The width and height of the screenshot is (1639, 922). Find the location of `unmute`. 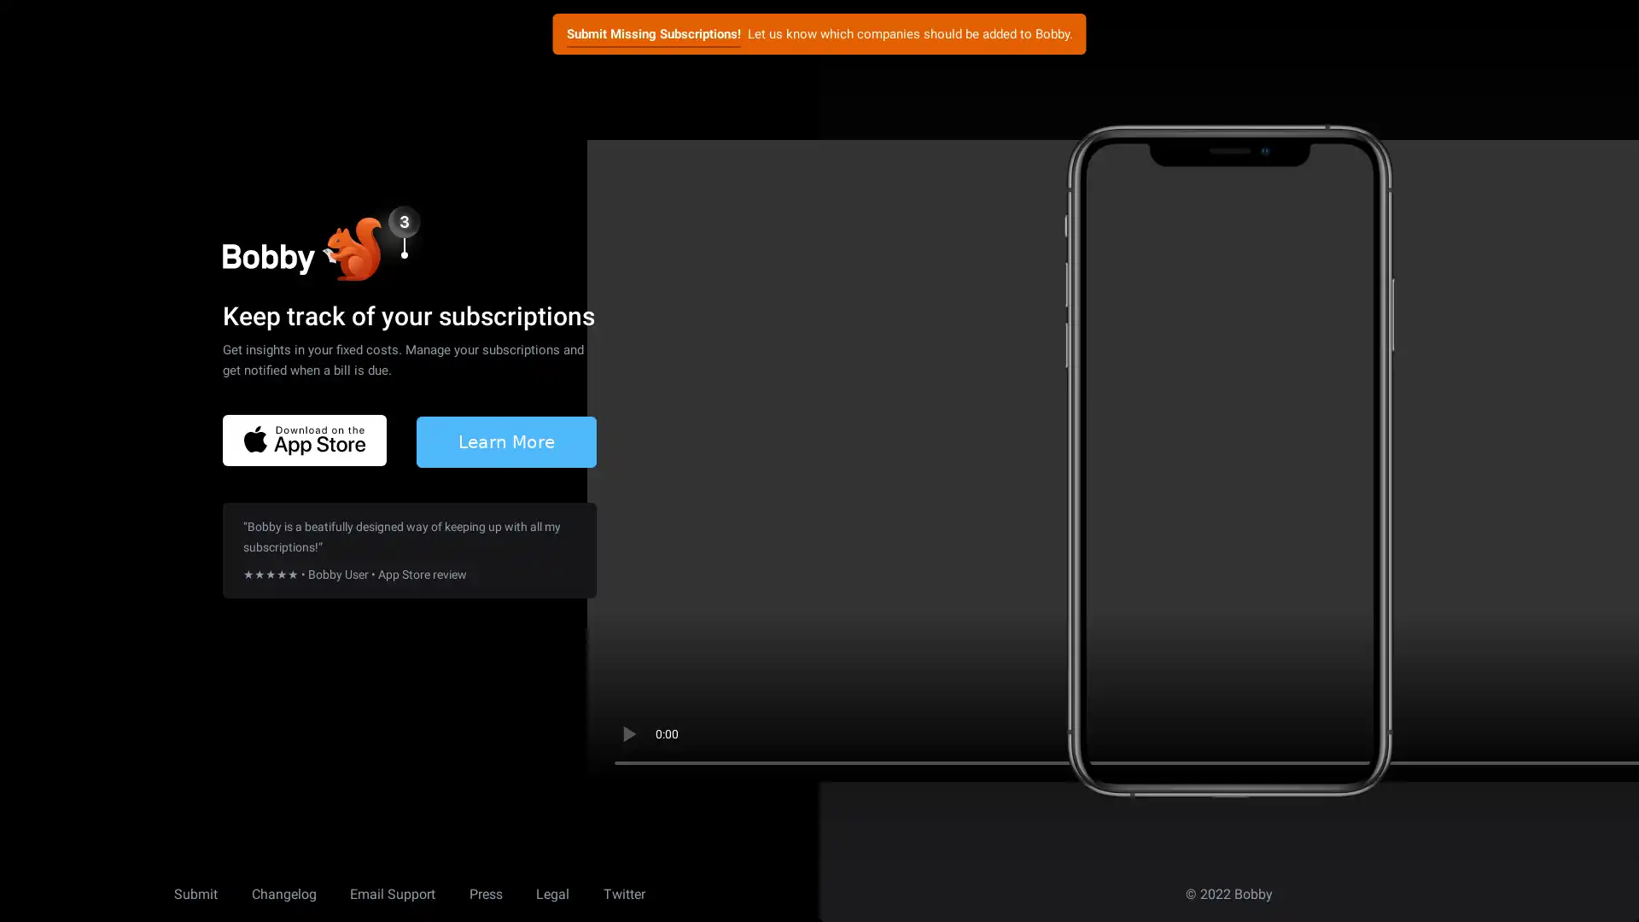

unmute is located at coordinates (1487, 733).